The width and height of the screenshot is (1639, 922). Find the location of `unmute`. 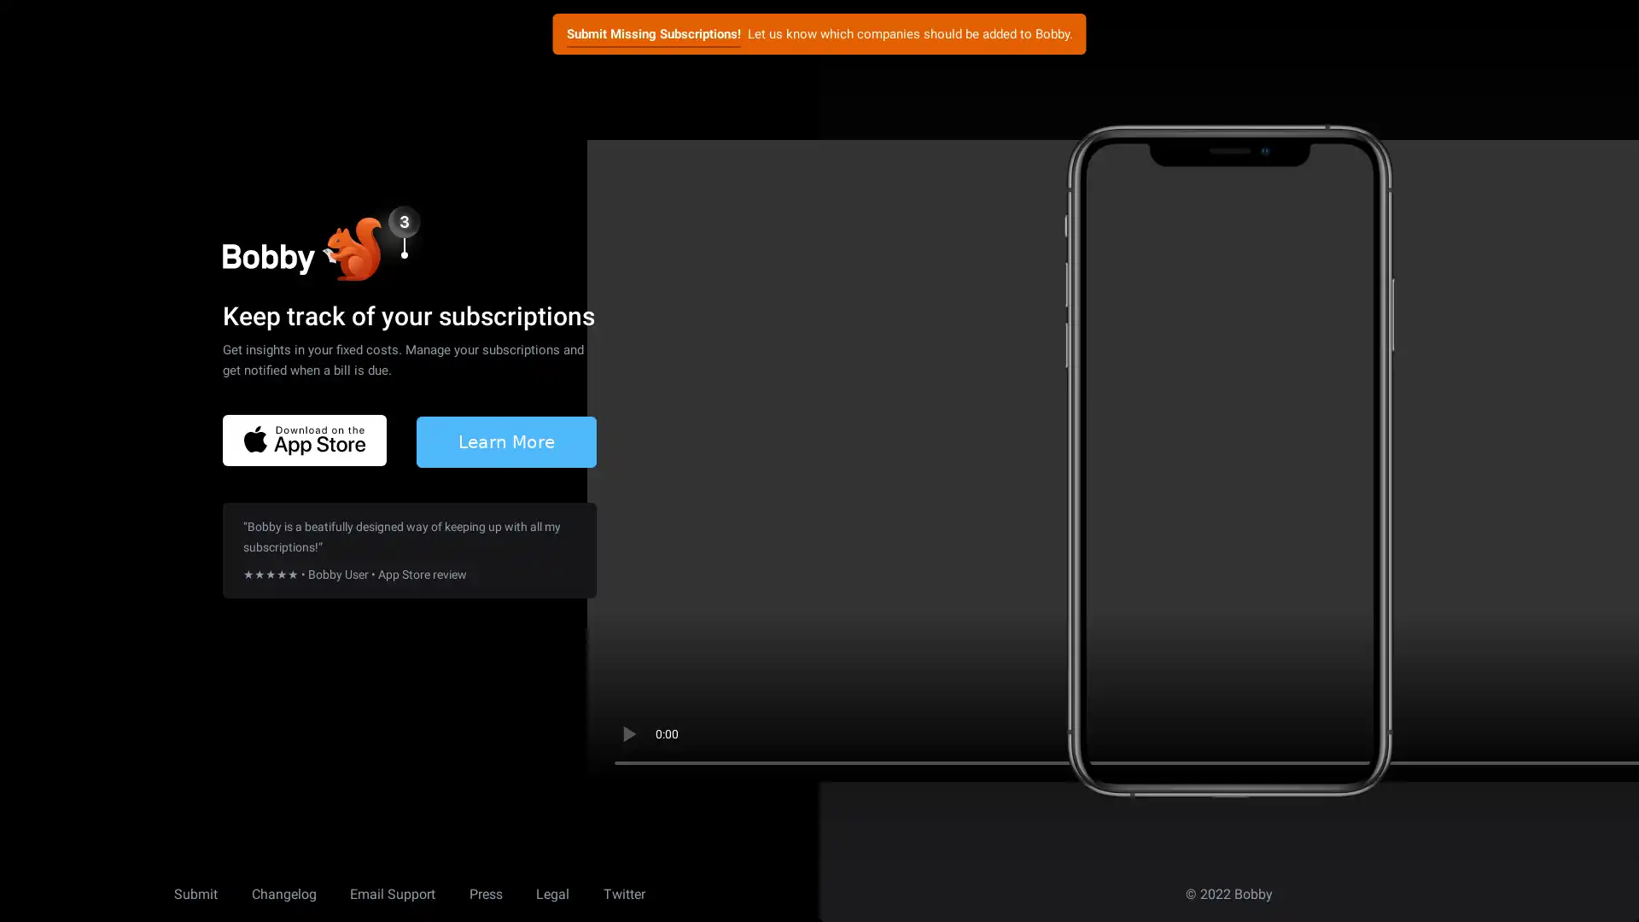

unmute is located at coordinates (1487, 733).